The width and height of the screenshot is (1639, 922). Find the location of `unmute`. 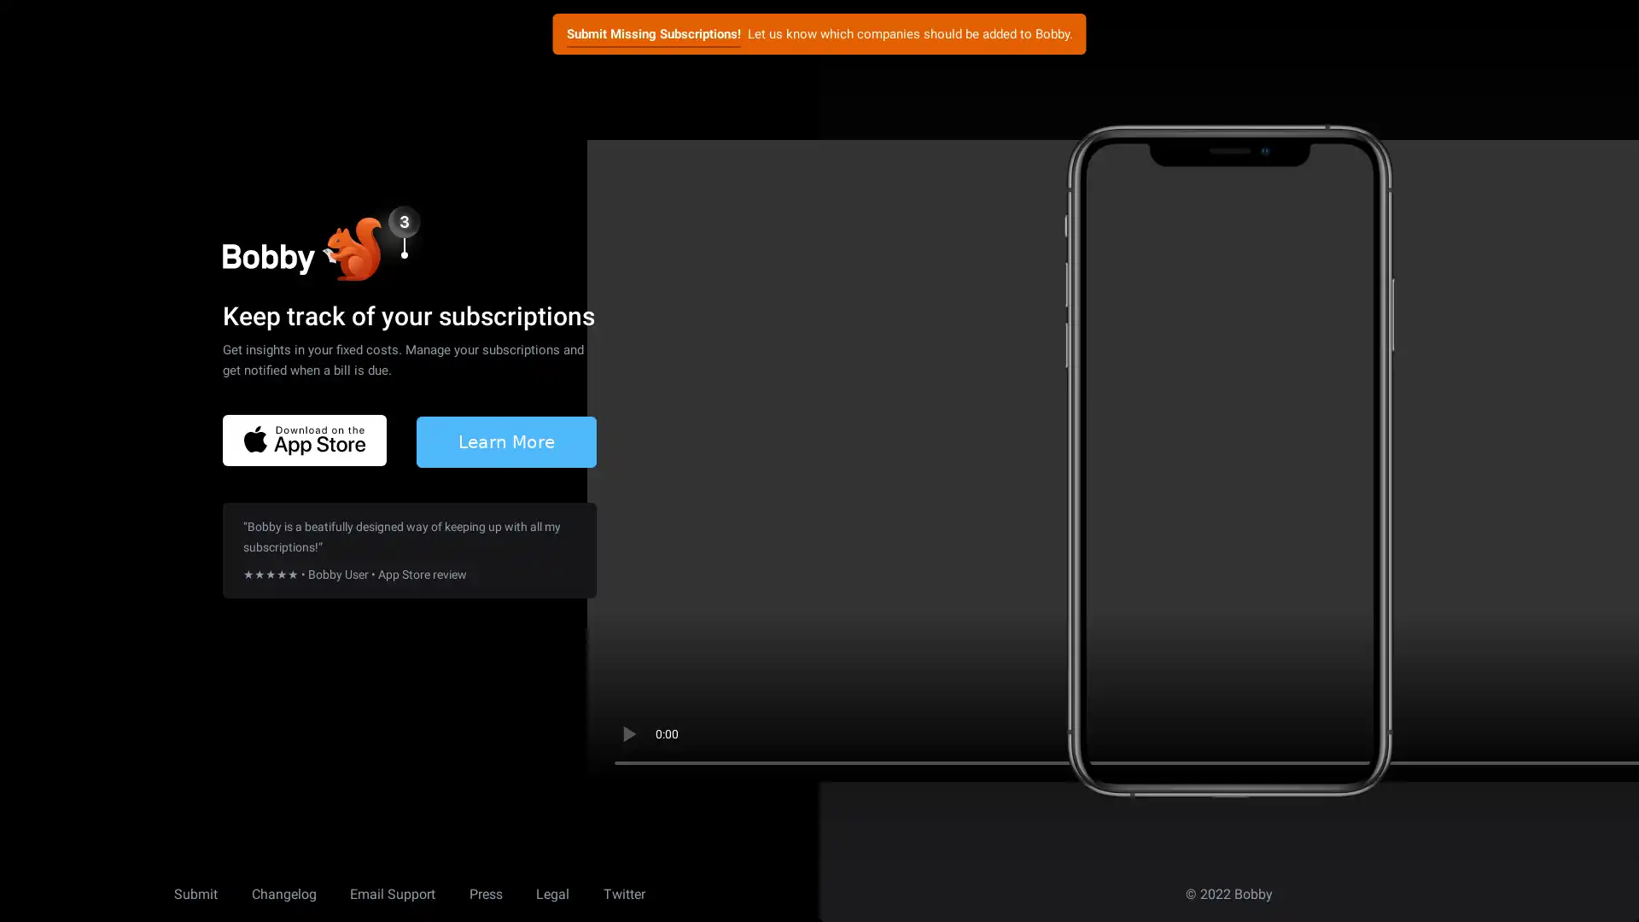

unmute is located at coordinates (1487, 733).